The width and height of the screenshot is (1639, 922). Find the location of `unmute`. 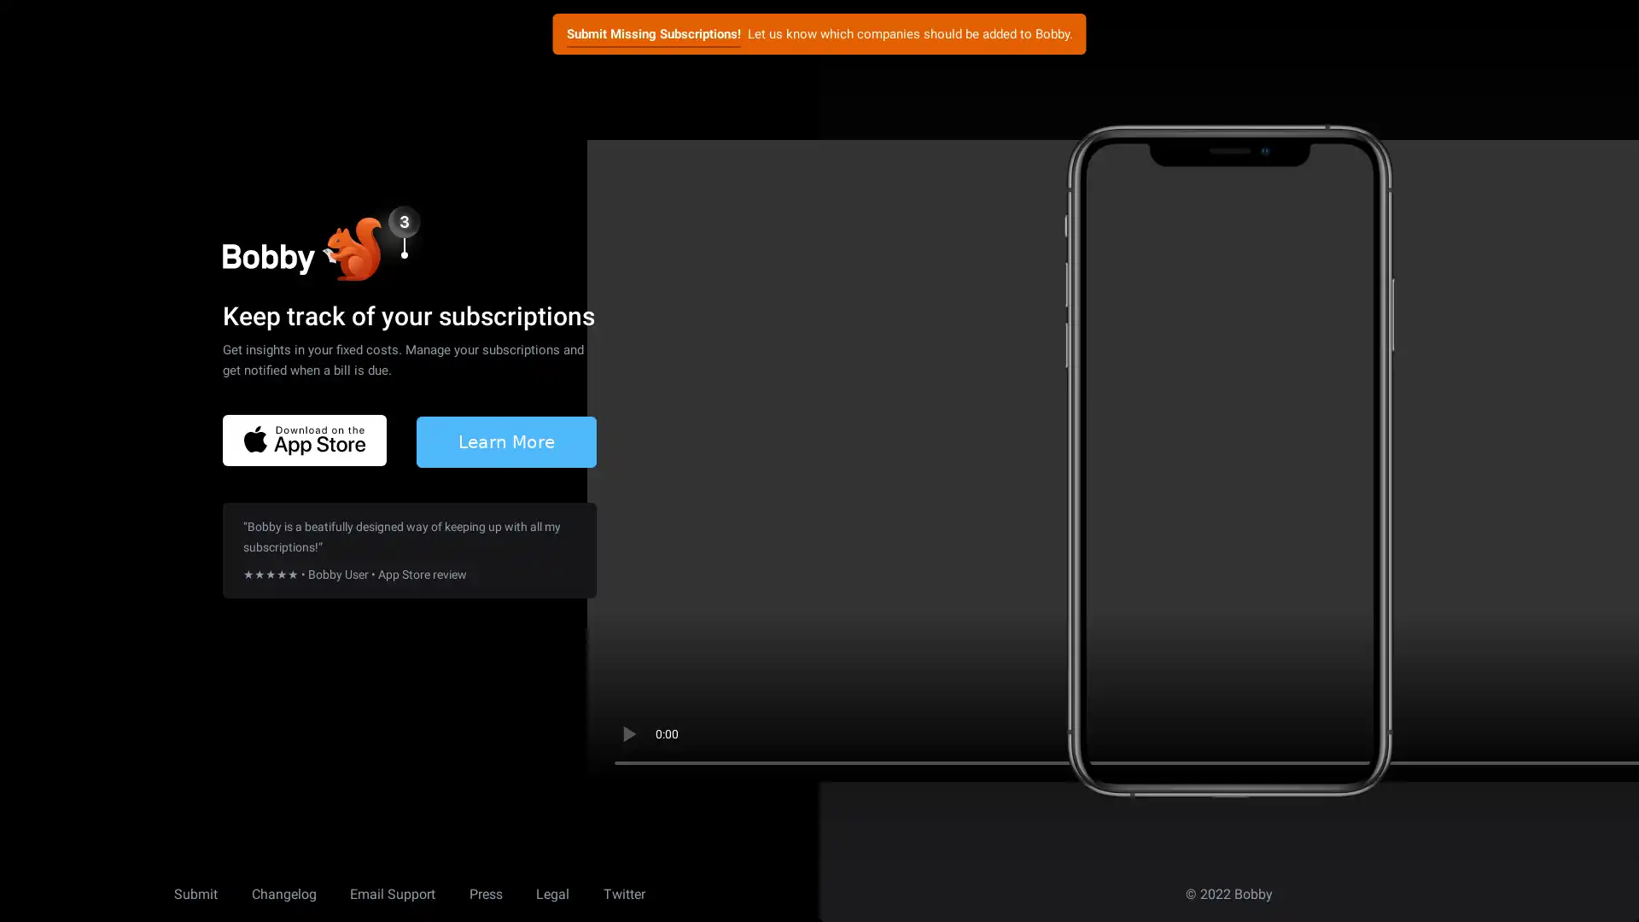

unmute is located at coordinates (1487, 733).